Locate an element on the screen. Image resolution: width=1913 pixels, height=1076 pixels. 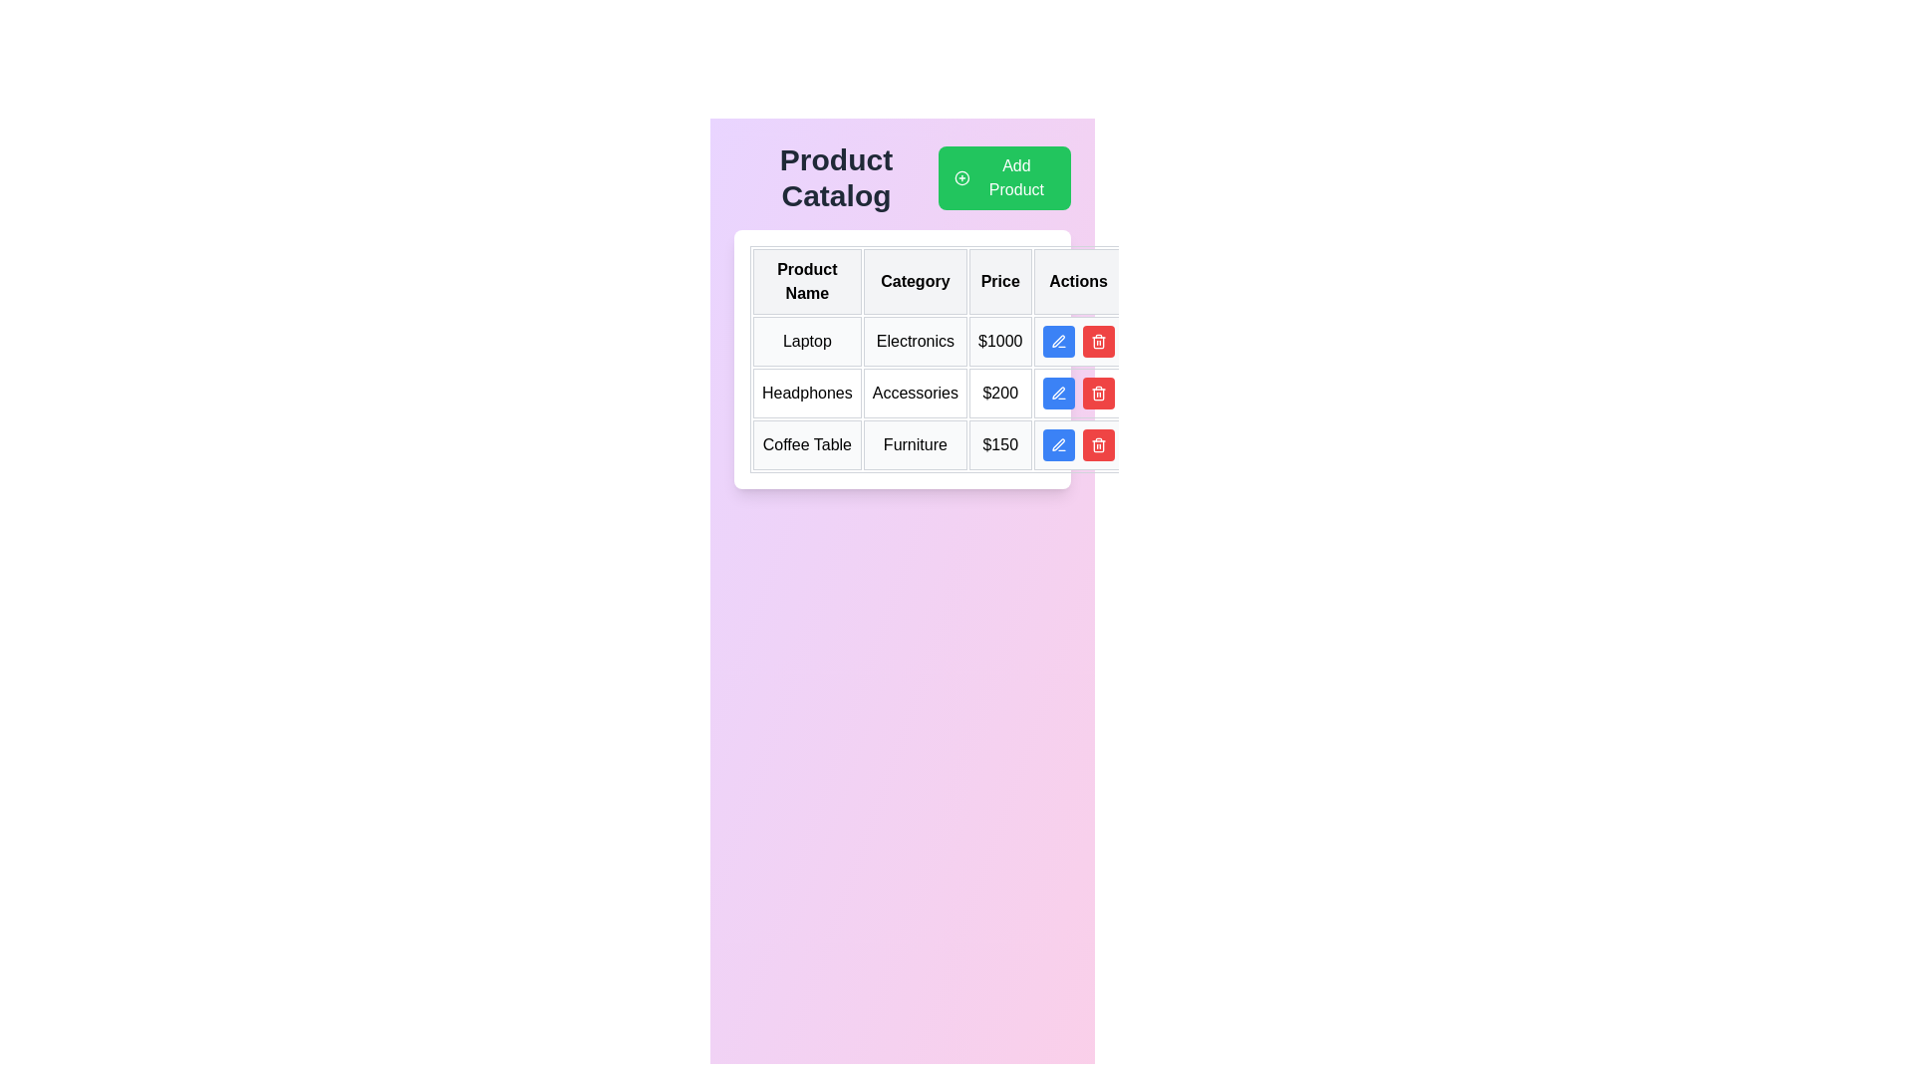
the red-colored trash icon button, which resembles a trash bin, located in the 'Actions' column of the table, specifically the second icon in the third row next to the 'Coffee Table' row is located at coordinates (1097, 444).